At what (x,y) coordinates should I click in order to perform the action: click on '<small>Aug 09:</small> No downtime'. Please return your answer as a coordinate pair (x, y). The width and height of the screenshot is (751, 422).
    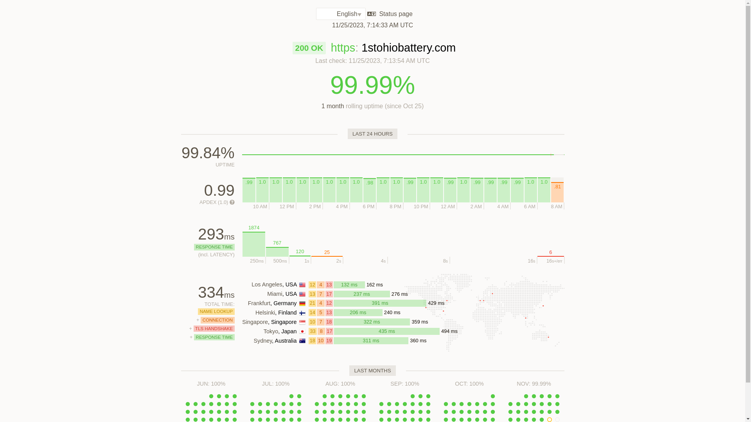
    Looking at the image, I should click on (332, 404).